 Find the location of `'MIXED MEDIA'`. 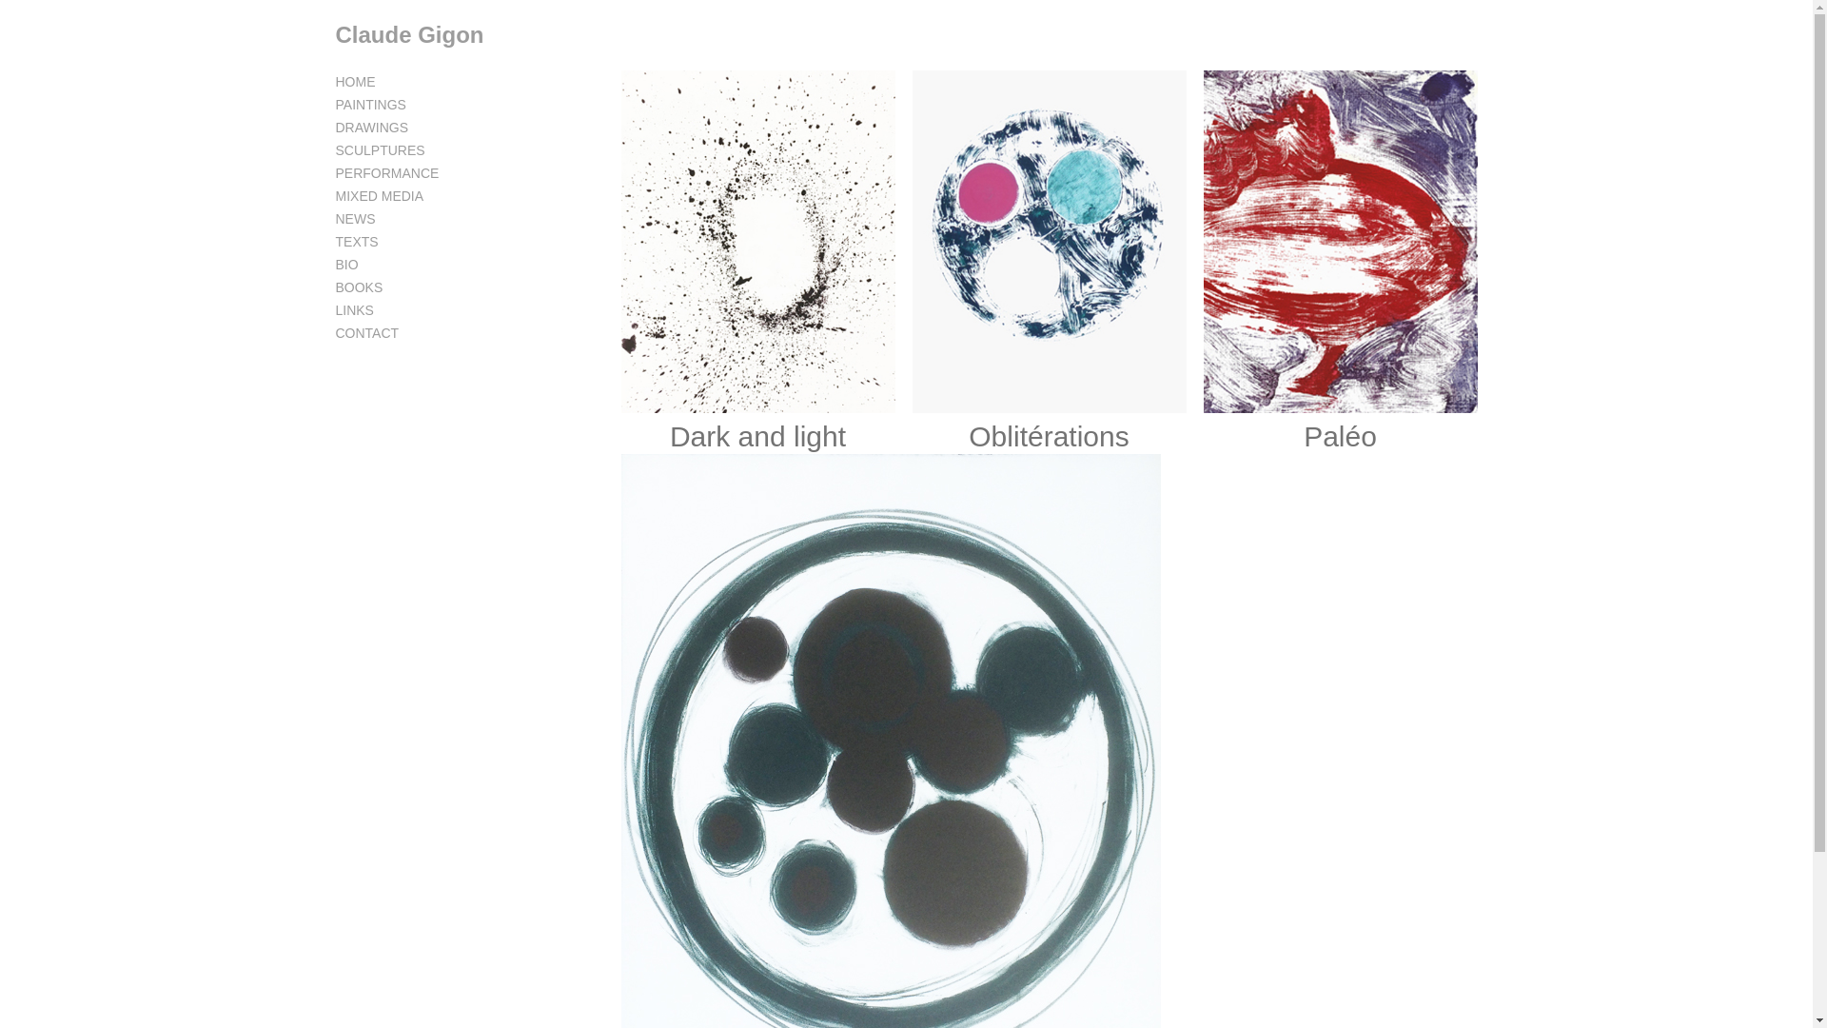

'MIXED MEDIA' is located at coordinates (379, 195).